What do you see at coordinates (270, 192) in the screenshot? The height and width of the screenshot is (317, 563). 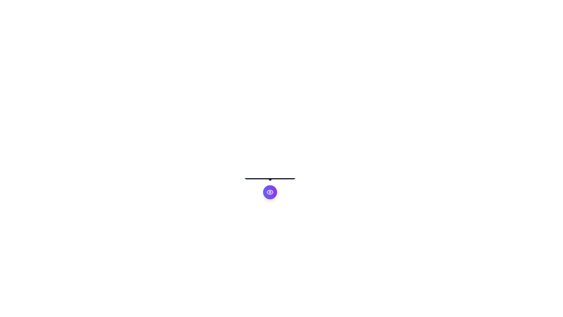 I see `the button that toggles the visibility of the search input field for keyboard navigation` at bounding box center [270, 192].